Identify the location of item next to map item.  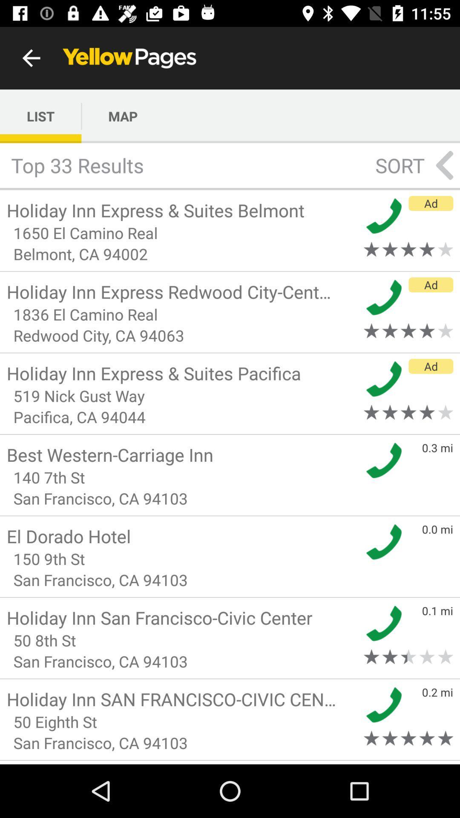
(40, 116).